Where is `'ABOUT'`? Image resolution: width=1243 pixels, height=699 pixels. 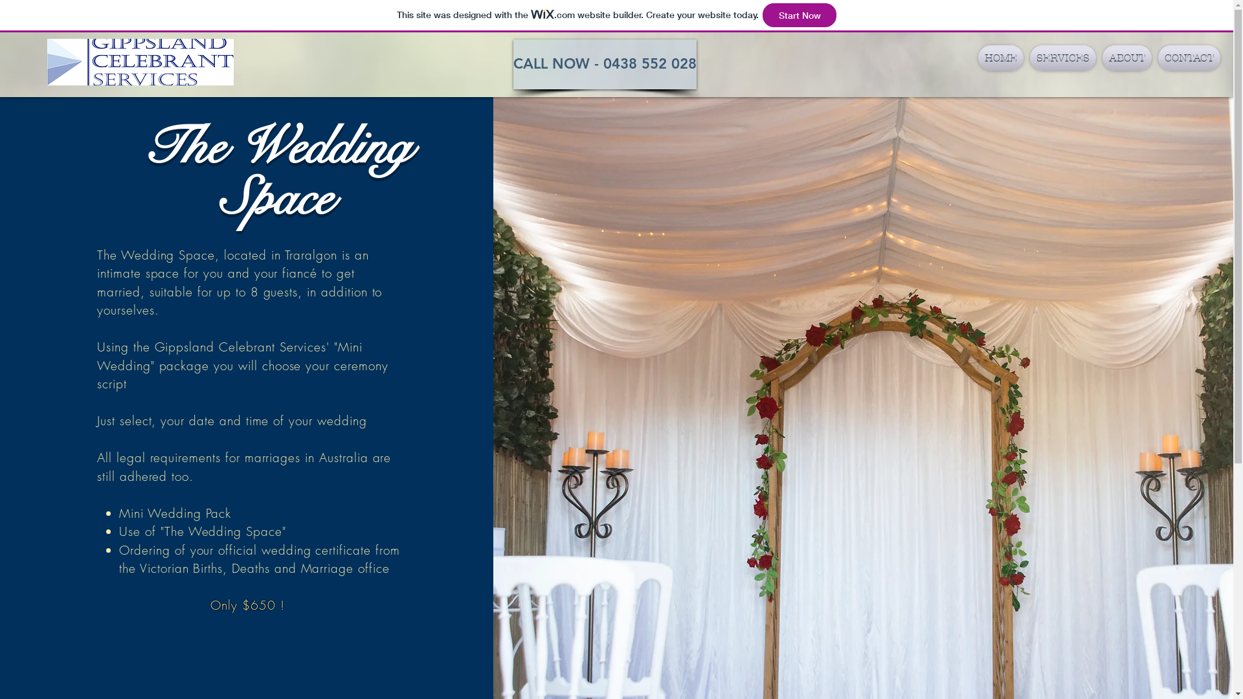 'ABOUT' is located at coordinates (1126, 57).